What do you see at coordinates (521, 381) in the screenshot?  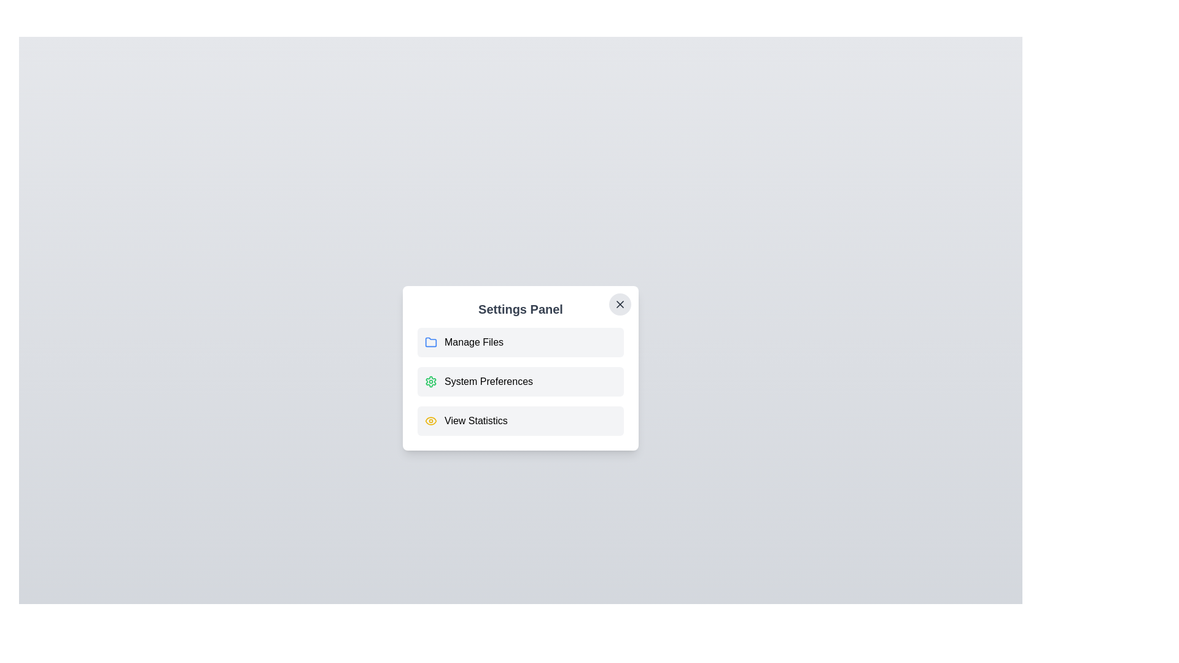 I see `the middle item labeled 'System Preferences' in the interactive list within the 'Settings Panel' modal` at bounding box center [521, 381].